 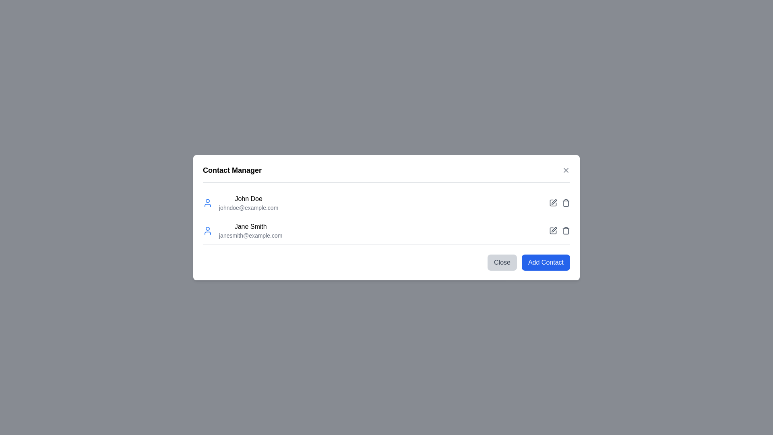 What do you see at coordinates (552, 202) in the screenshot?
I see `the edit icon button located in the upper-right corner of the second contact row` at bounding box center [552, 202].